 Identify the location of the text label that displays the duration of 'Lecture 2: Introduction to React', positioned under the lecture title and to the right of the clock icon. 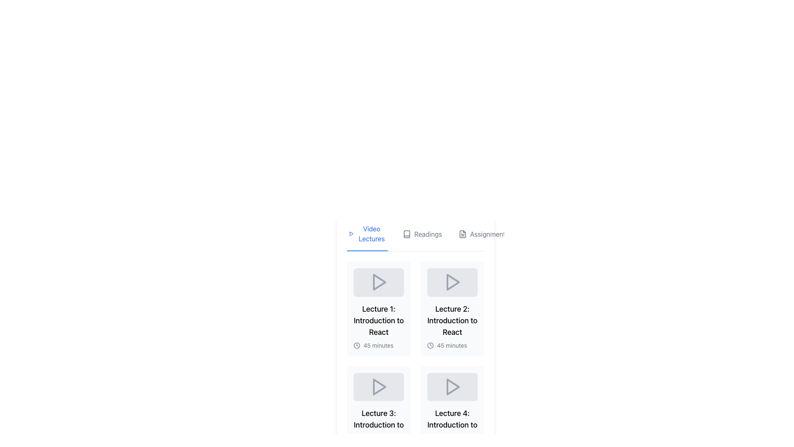
(452, 345).